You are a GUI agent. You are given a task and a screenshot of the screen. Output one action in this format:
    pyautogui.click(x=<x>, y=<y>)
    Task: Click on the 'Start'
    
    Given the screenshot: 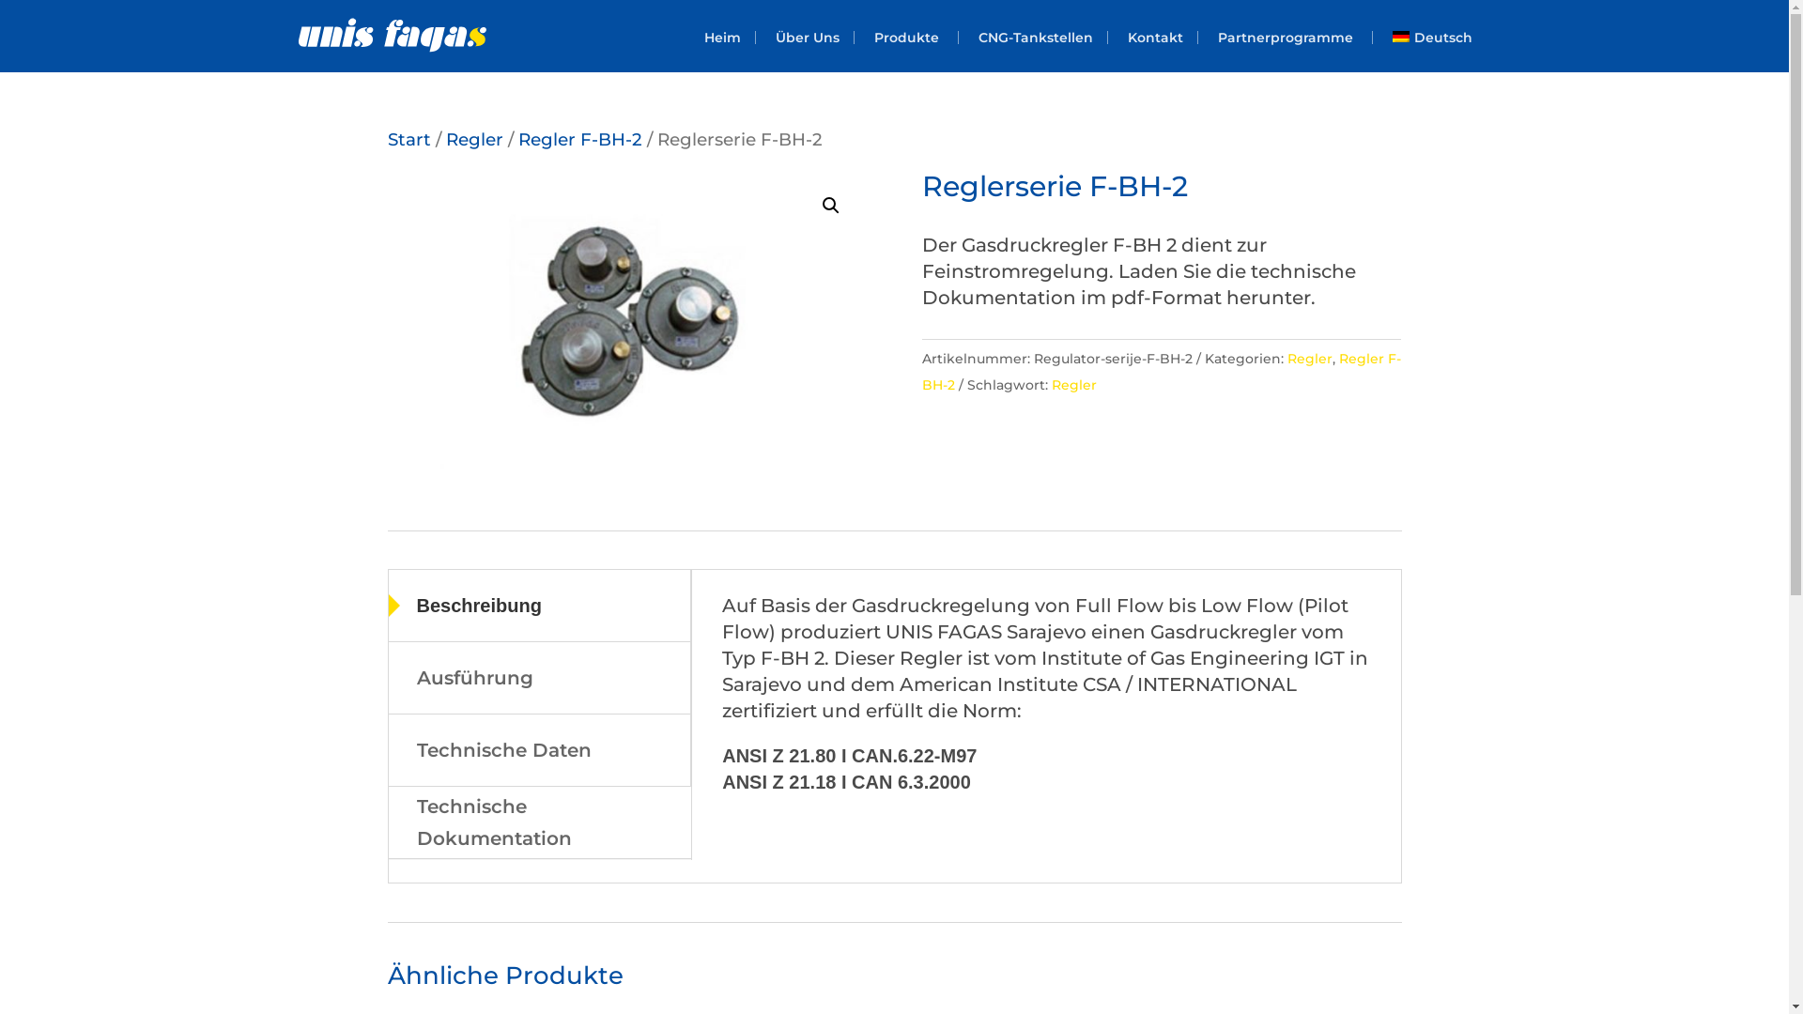 What is the action you would take?
    pyautogui.click(x=408, y=138)
    